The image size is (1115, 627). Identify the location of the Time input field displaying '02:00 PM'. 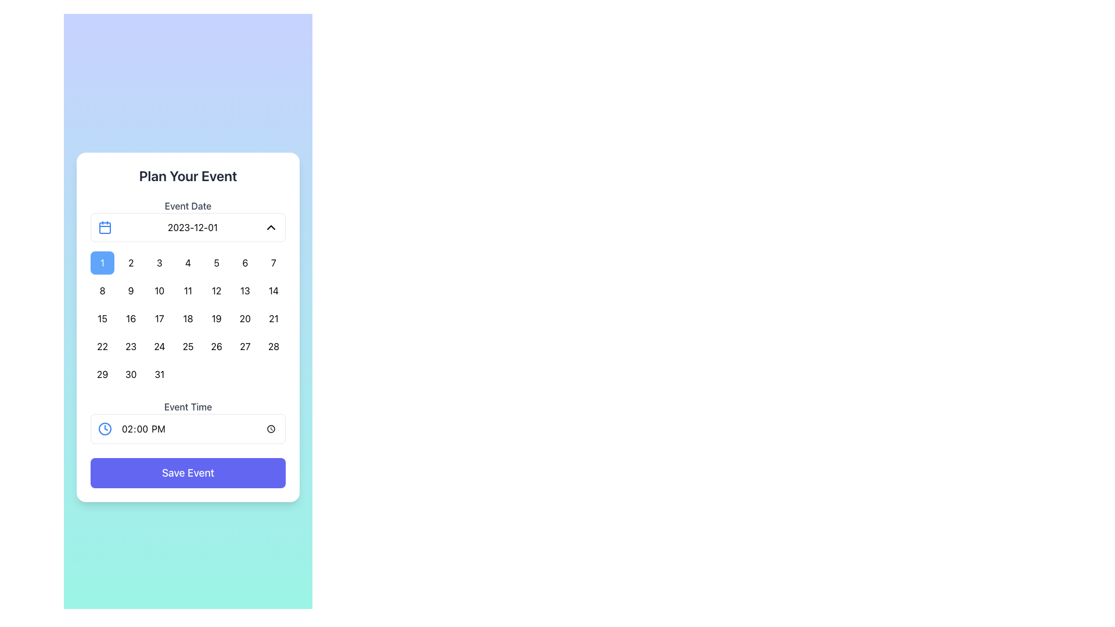
(200, 429).